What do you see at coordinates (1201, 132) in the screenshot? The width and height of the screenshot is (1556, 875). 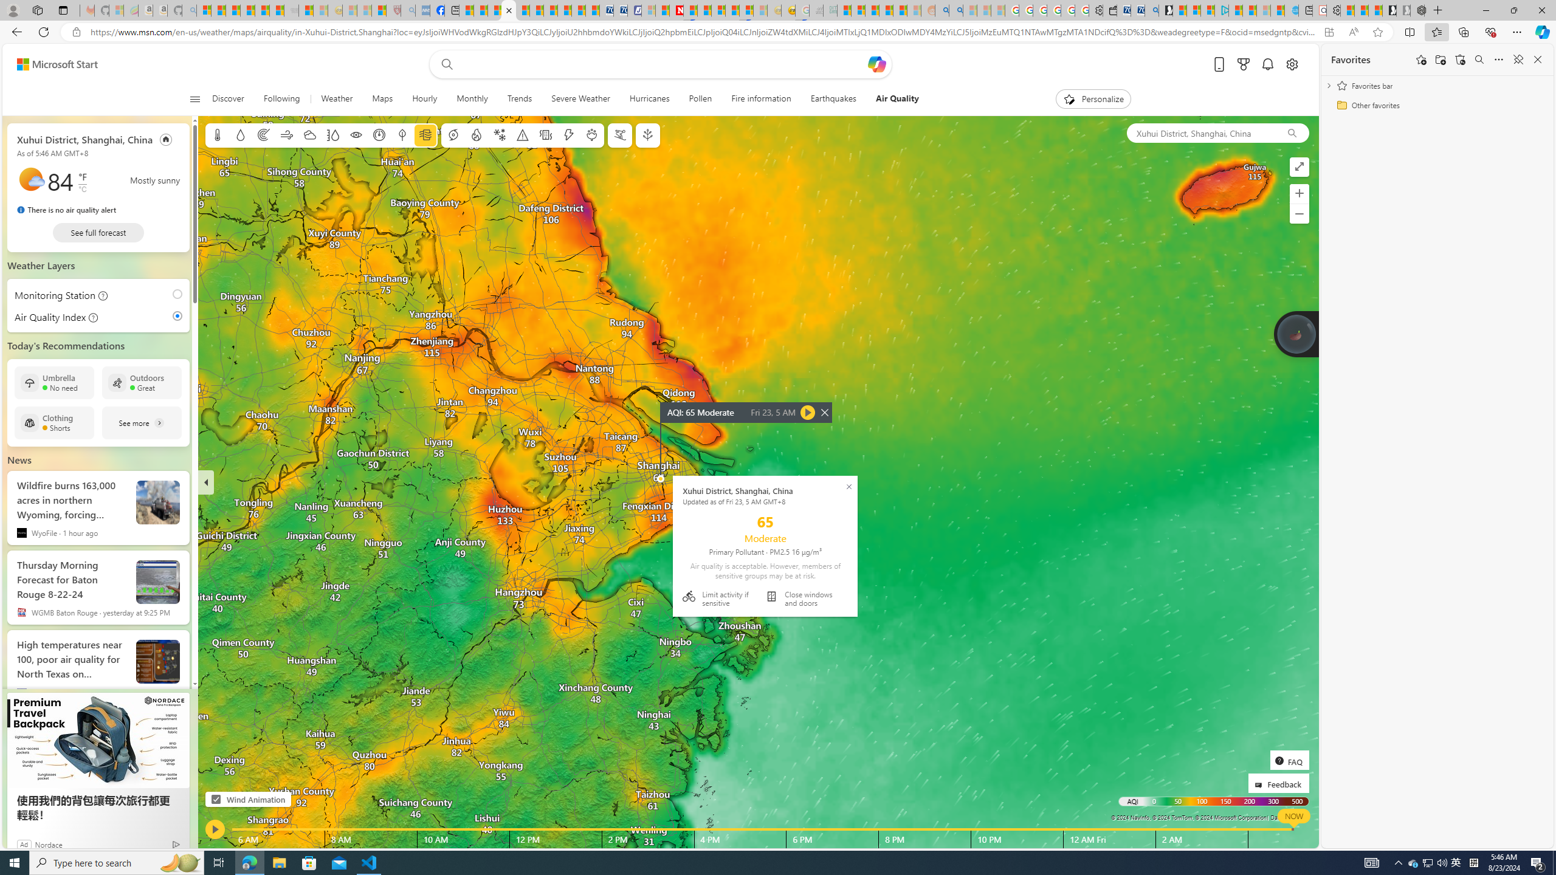 I see `'Xuhui District, Shanghai, China'` at bounding box center [1201, 132].